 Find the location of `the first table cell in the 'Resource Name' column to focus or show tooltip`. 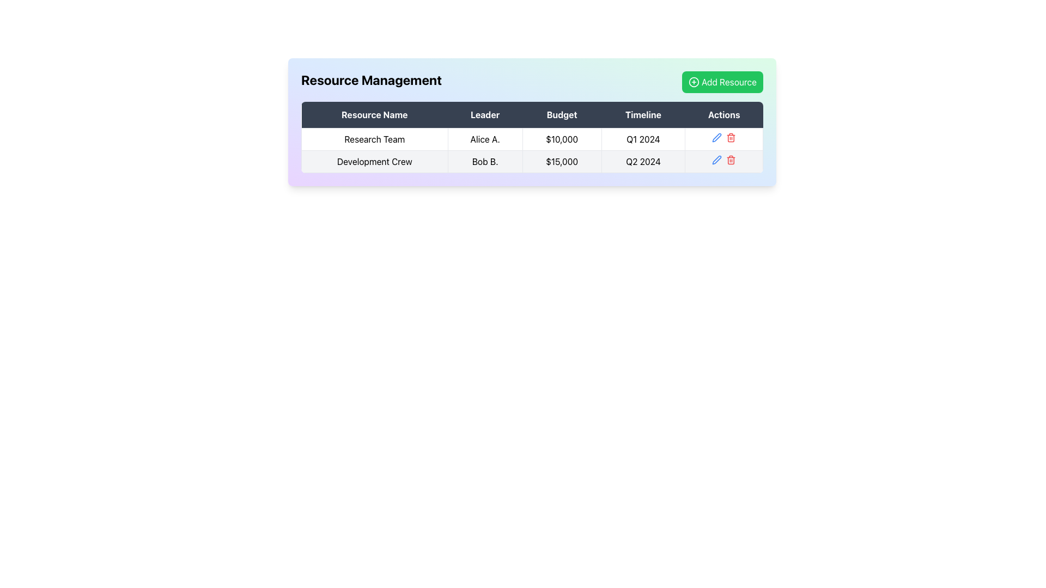

the first table cell in the 'Resource Name' column to focus or show tooltip is located at coordinates (374, 138).